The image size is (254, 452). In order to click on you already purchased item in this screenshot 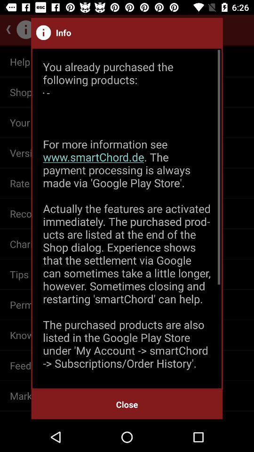, I will do `click(127, 218)`.